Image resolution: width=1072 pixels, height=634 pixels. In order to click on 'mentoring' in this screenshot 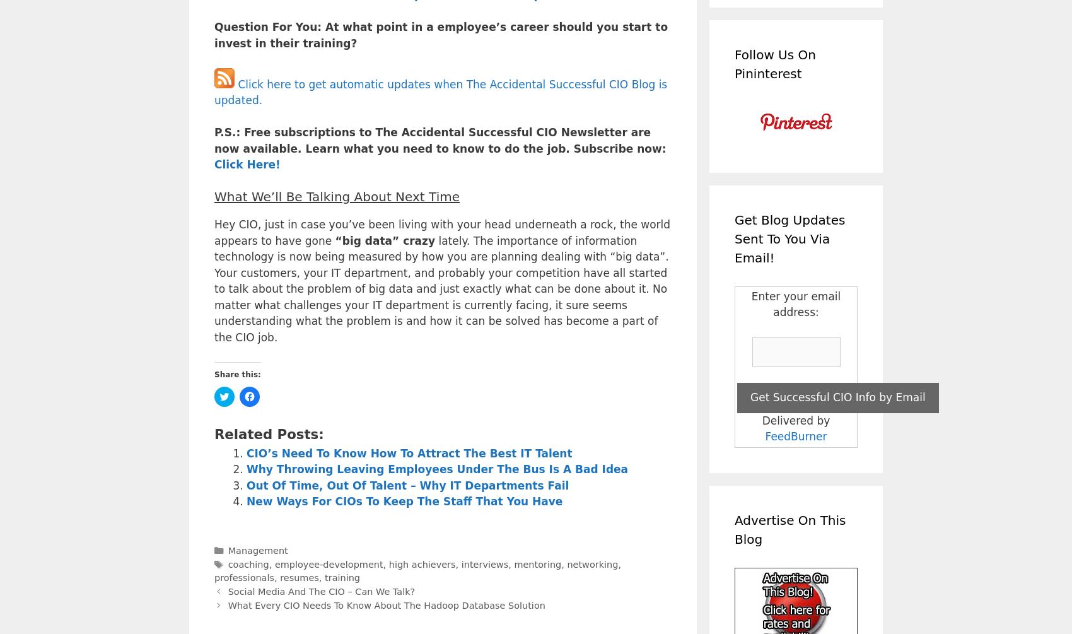, I will do `click(513, 563)`.